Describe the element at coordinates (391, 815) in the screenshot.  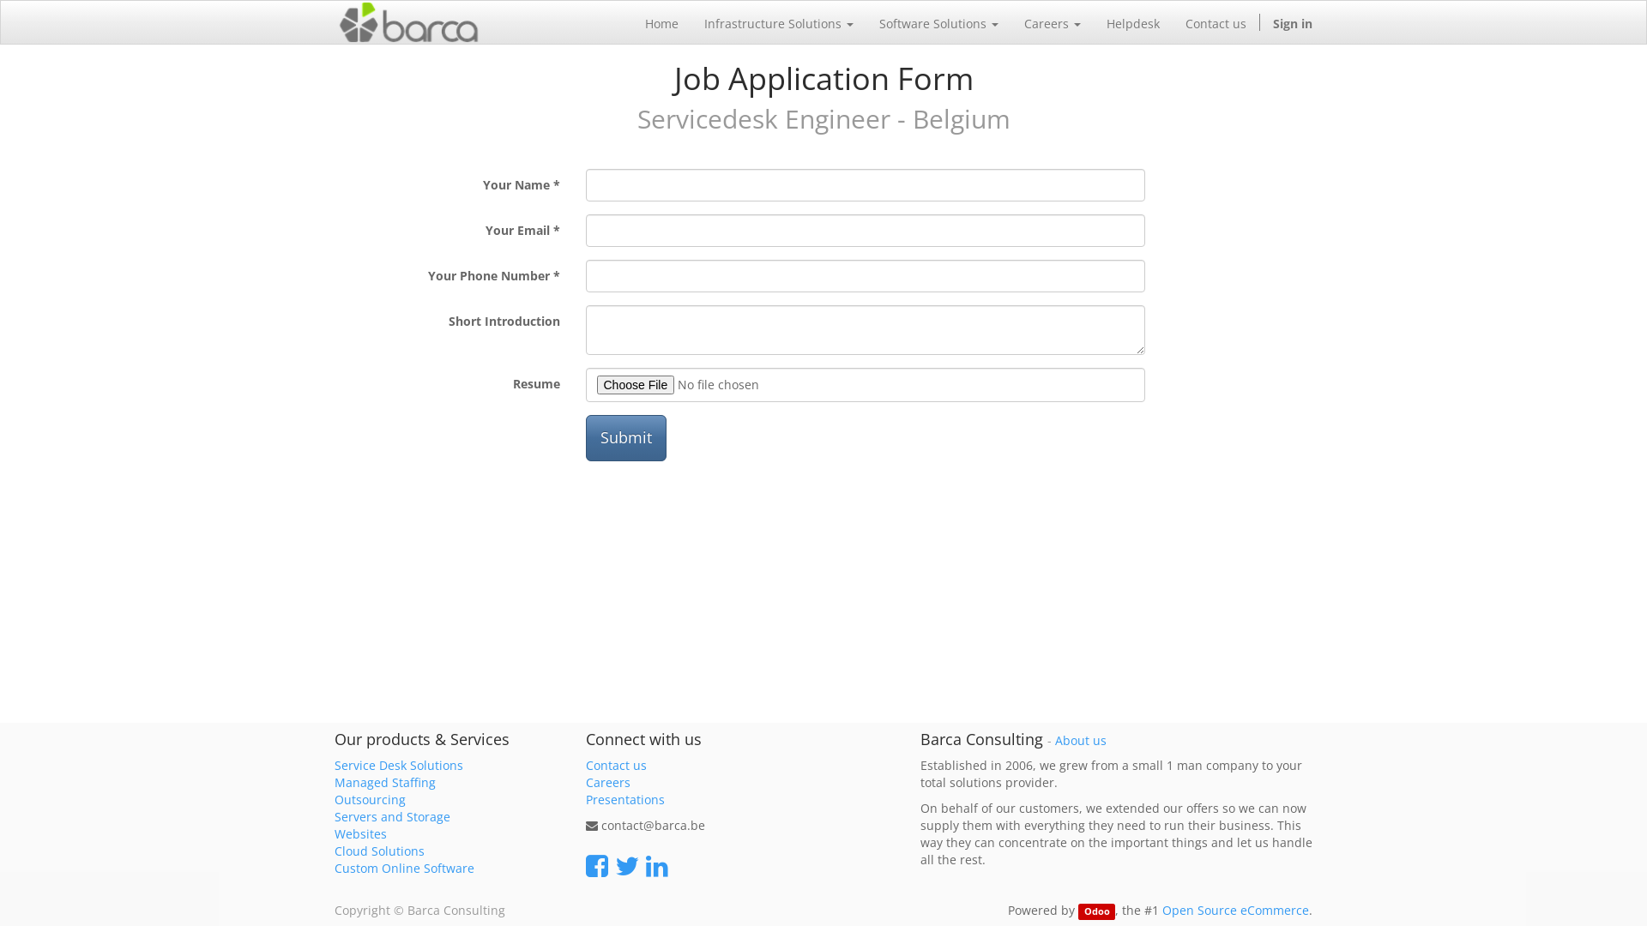
I see `'Servers and Storage'` at that location.